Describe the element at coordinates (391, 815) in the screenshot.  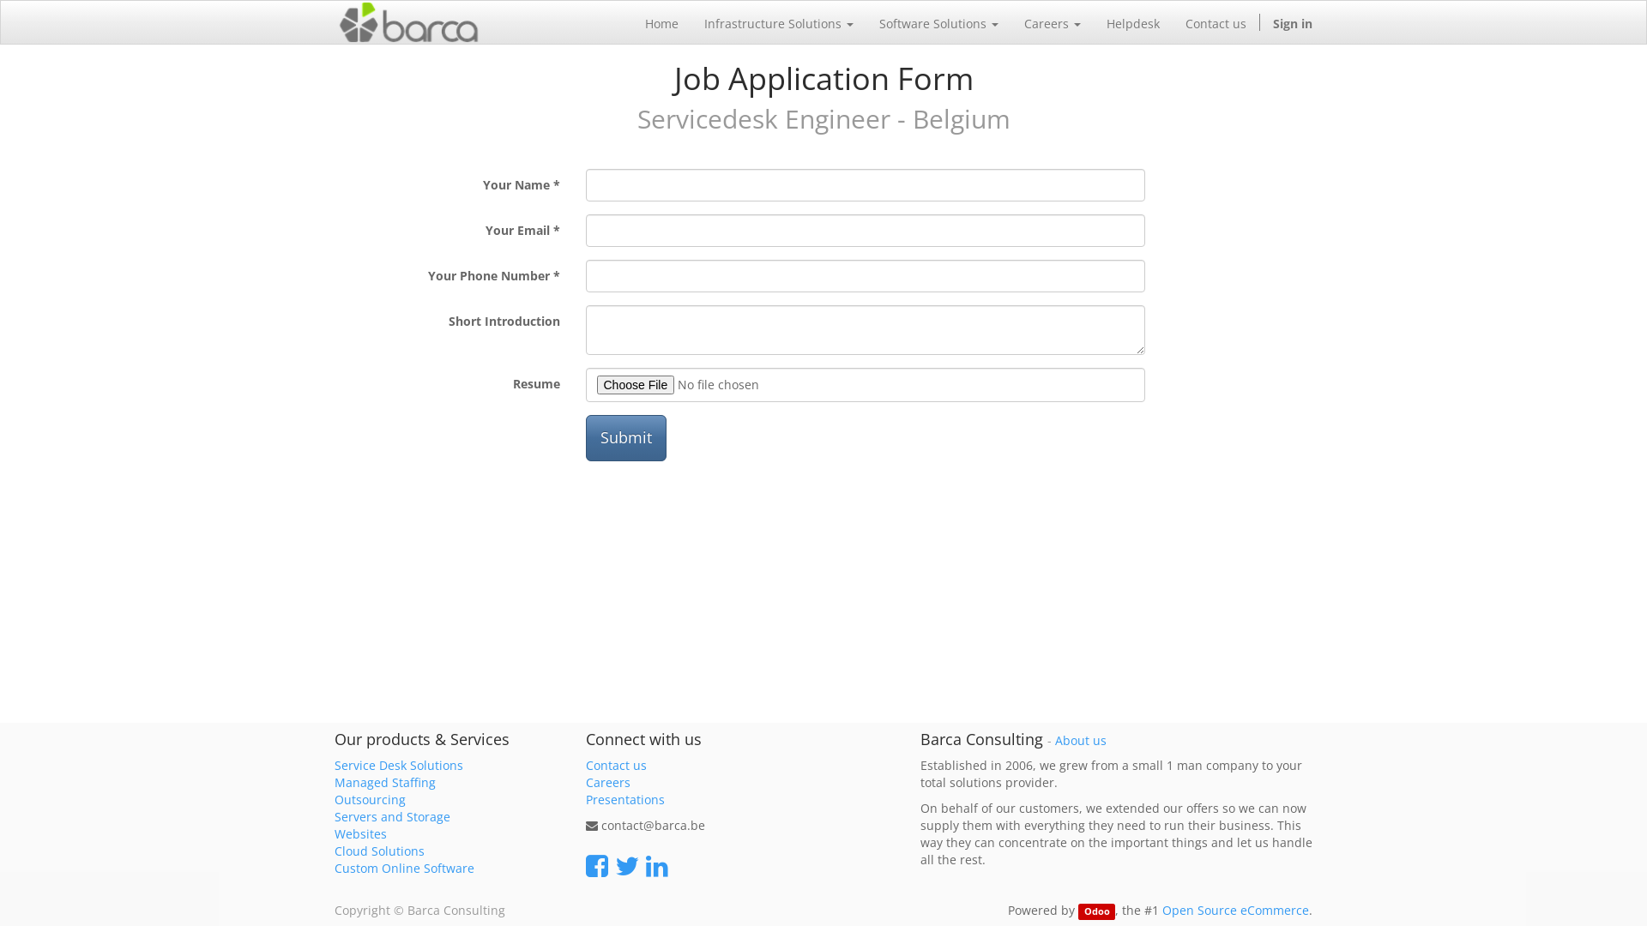
I see `'Servers and Storage'` at that location.